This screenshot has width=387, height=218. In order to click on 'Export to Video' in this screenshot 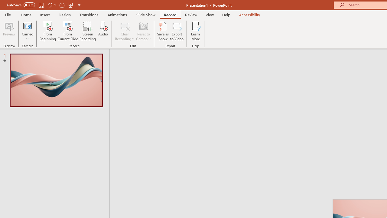, I will do `click(177, 31)`.